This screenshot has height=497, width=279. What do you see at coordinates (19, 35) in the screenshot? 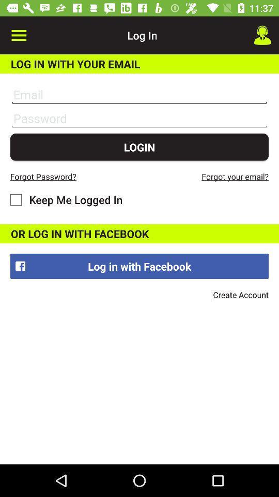
I see `icon next to the log in item` at bounding box center [19, 35].